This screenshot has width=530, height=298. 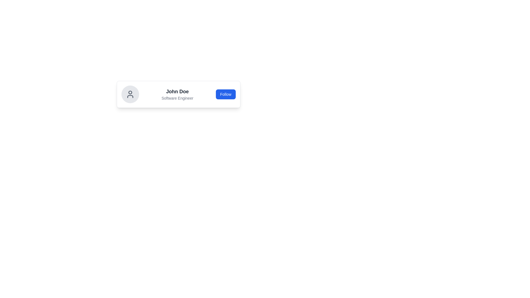 What do you see at coordinates (226, 94) in the screenshot?
I see `the 'Follow' button located at the right edge of the profile card for 'John Doe', which is the last element` at bounding box center [226, 94].